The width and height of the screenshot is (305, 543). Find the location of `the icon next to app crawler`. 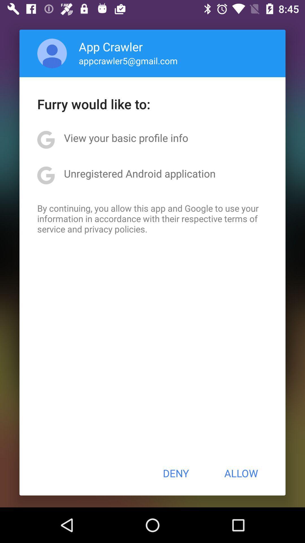

the icon next to app crawler is located at coordinates (52, 53).